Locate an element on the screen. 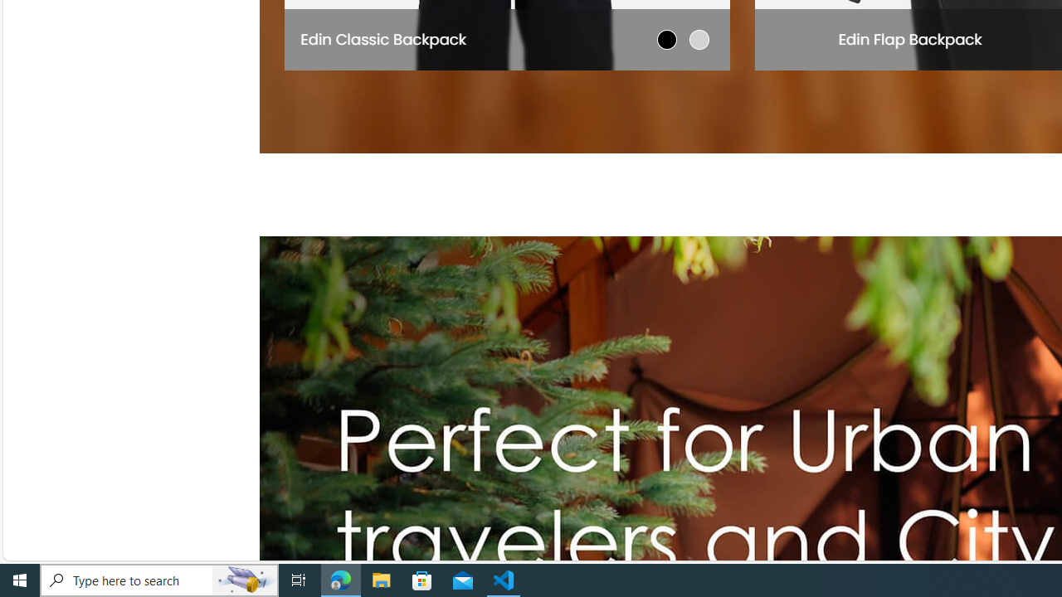  'Search highlights icon opens search home window' is located at coordinates (244, 579).